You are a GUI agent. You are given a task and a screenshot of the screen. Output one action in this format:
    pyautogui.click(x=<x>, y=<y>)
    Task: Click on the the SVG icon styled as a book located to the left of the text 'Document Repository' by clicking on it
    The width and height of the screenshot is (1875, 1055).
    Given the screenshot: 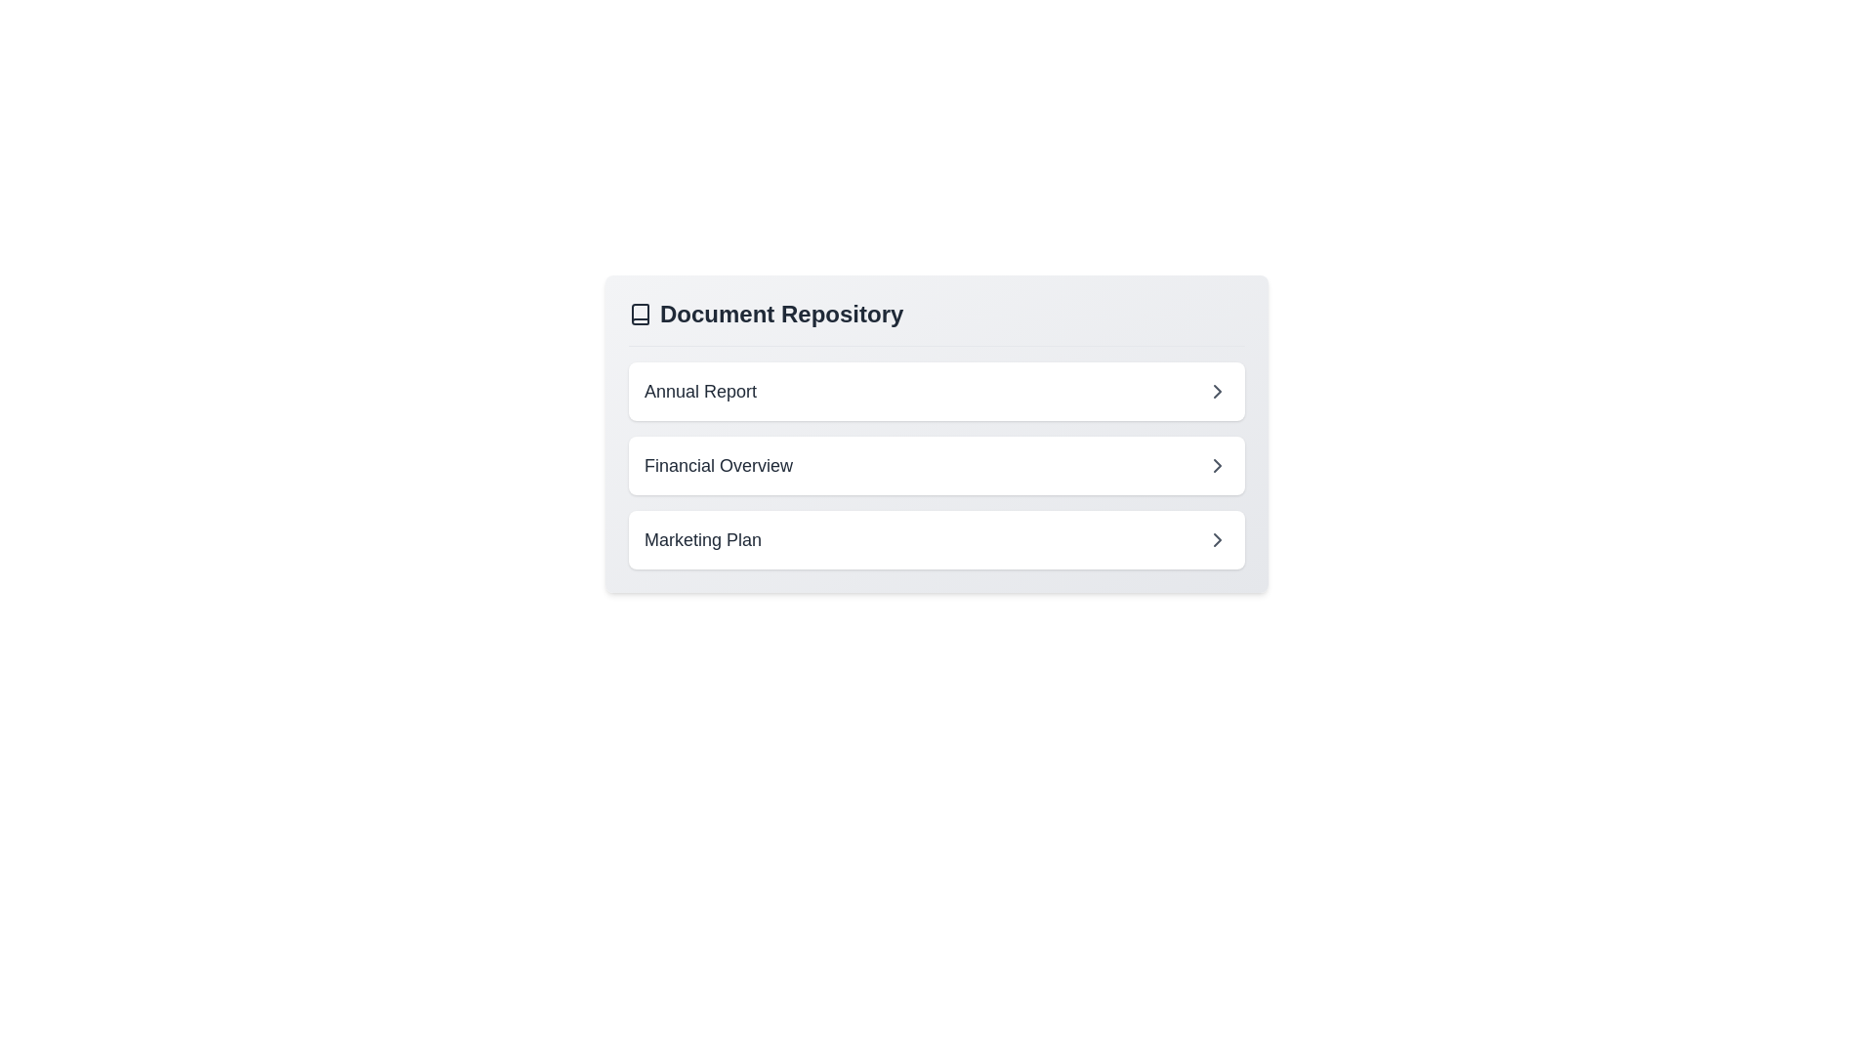 What is the action you would take?
    pyautogui.click(x=641, y=313)
    